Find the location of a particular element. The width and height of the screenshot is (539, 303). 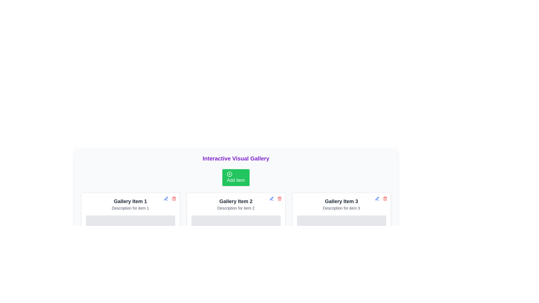

the label that displays 'Description for item 3', which is located below the heading 'Gallery Item 3' in the third card of a horizontal row is located at coordinates (341, 208).